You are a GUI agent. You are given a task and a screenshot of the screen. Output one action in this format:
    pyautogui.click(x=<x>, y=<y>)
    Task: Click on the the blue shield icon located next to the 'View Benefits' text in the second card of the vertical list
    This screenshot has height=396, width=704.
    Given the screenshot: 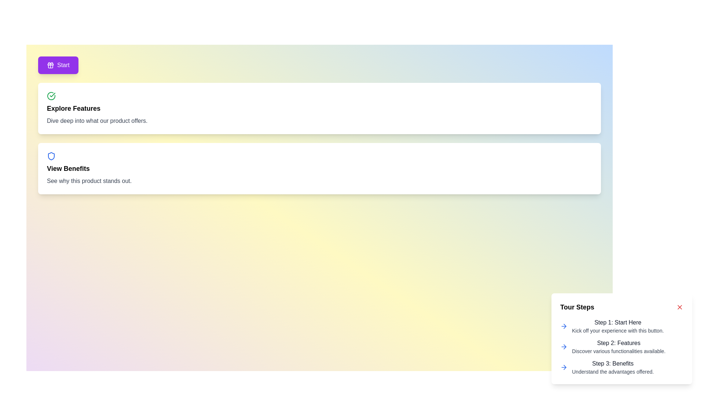 What is the action you would take?
    pyautogui.click(x=51, y=155)
    